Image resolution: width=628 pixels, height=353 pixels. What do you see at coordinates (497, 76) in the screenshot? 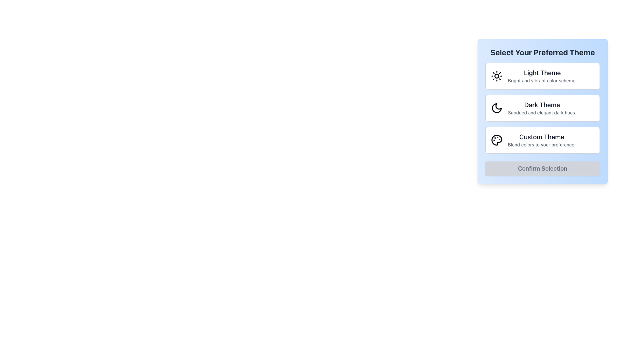
I see `the 'Light Theme' icon located to the left of the 'Light Theme' text` at bounding box center [497, 76].